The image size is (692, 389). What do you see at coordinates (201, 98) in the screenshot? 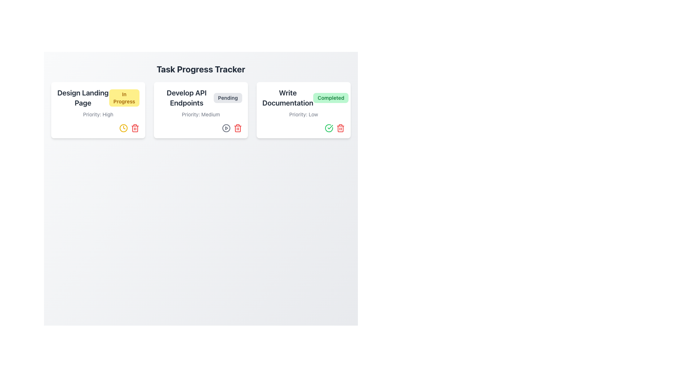
I see `the 'Pending' status label of the task titled 'Develop API Endpoints', located in the middle card of the layout` at bounding box center [201, 98].